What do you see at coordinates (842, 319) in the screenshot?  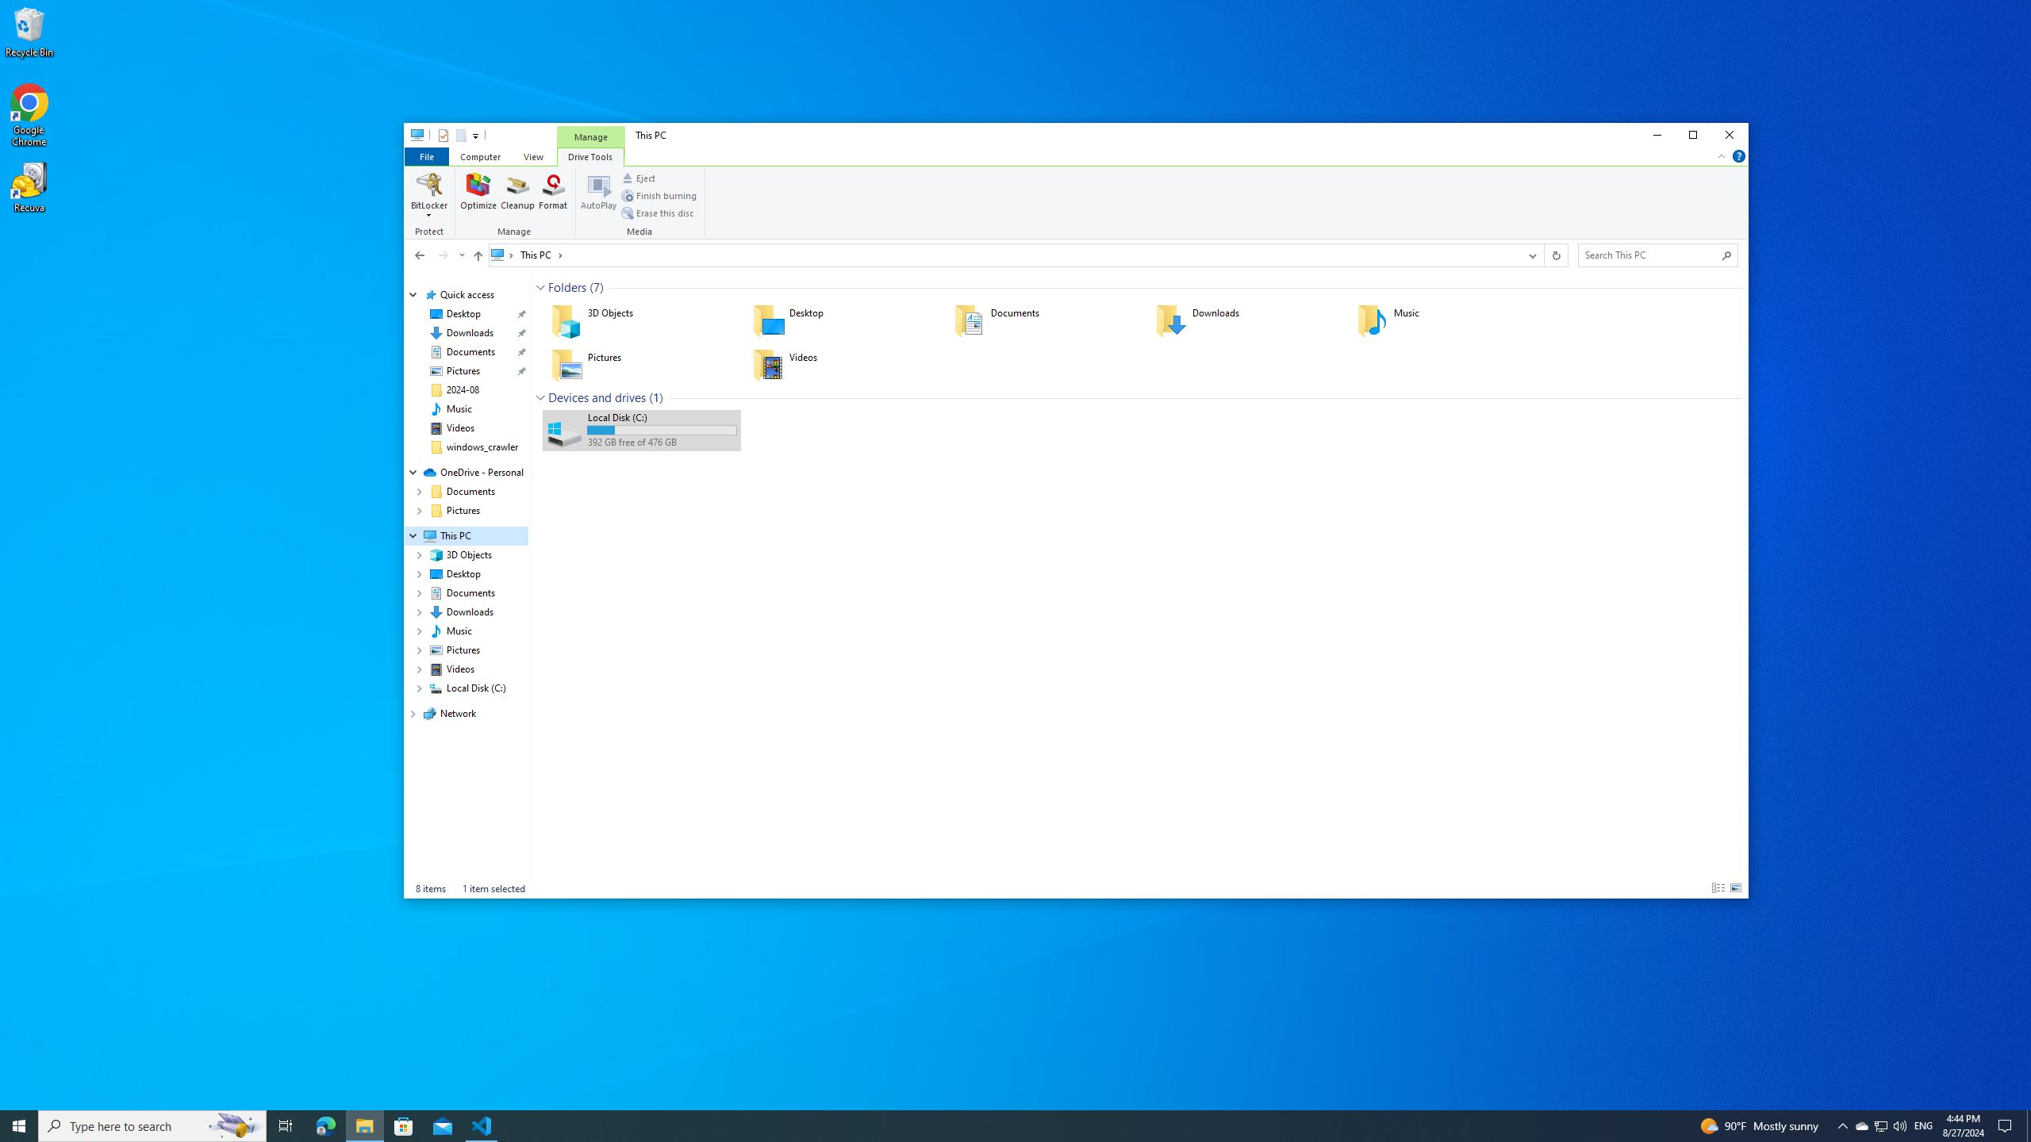 I see `'Desktop'` at bounding box center [842, 319].